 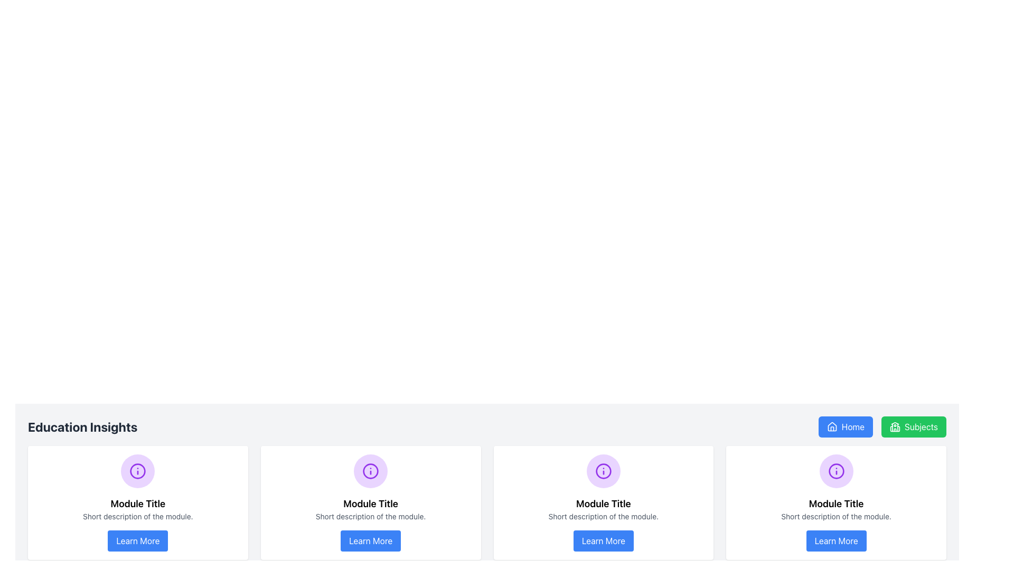 I want to click on the circular icon with a purple outline and 'i' symbol inside, located on the right end of the horizontal row of module cards under the 'Education Insights' heading, so click(x=835, y=471).